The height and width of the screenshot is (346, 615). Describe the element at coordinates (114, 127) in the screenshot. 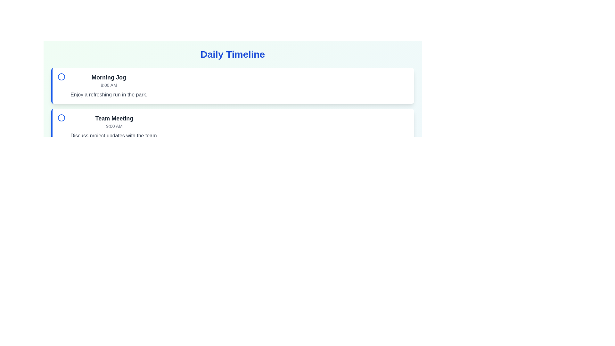

I see `the text in the Informational Display Block titled 'Team Meeting' that includes the timestamp and description for further actions` at that location.